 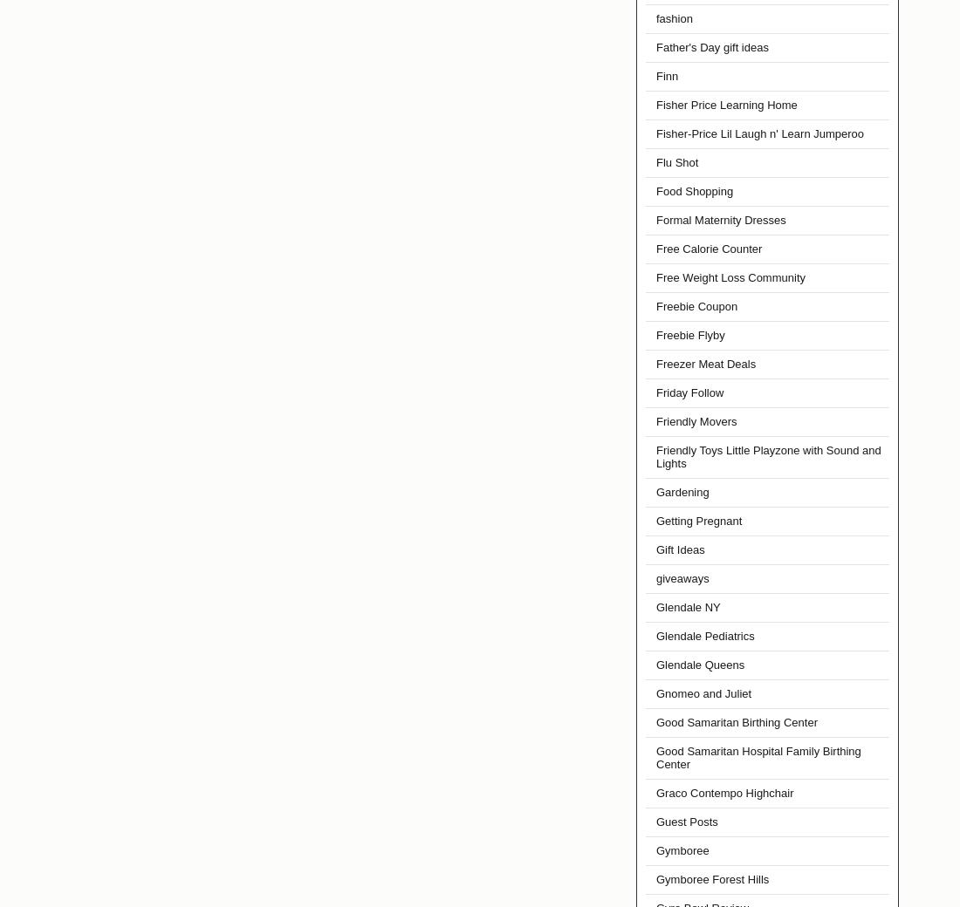 I want to click on 'Free Weight Loss Community', so click(x=655, y=276).